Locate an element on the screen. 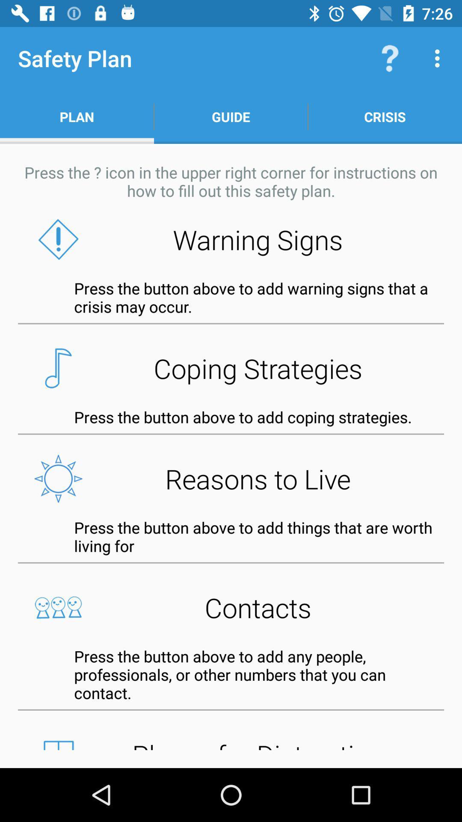 Image resolution: width=462 pixels, height=822 pixels. the item next to the crisis app is located at coordinates (231, 116).